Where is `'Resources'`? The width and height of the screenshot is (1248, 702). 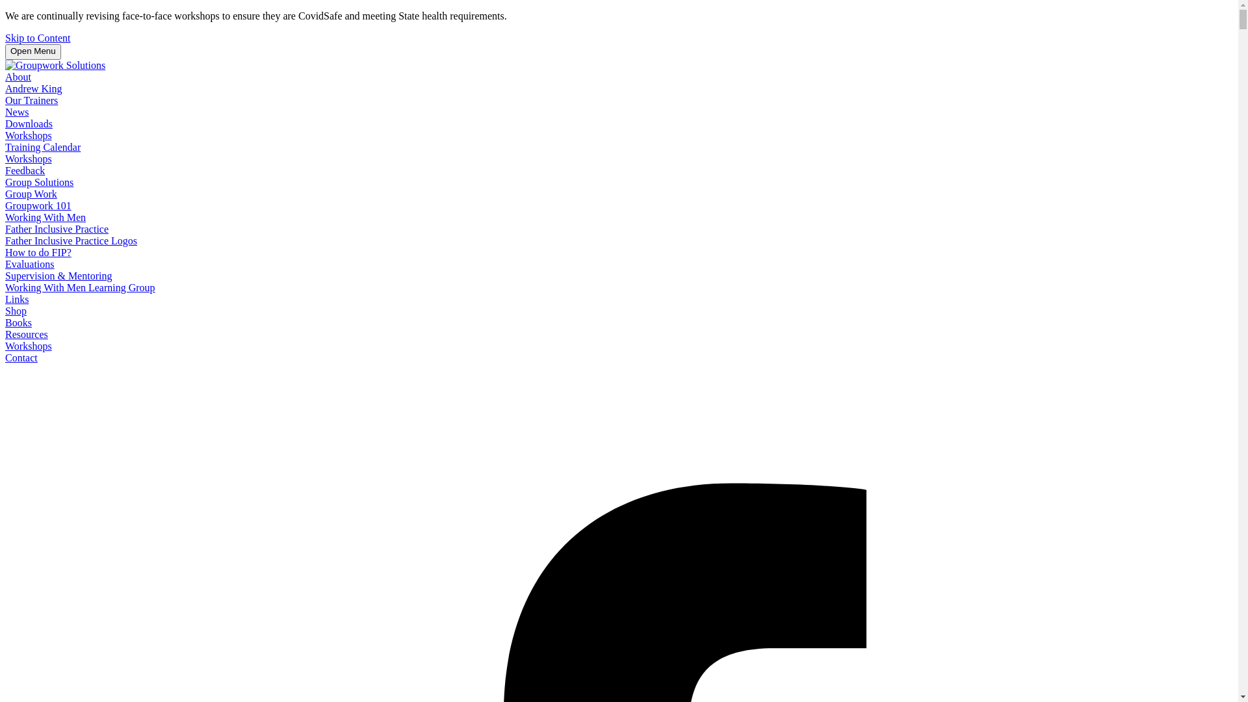
'Resources' is located at coordinates (27, 333).